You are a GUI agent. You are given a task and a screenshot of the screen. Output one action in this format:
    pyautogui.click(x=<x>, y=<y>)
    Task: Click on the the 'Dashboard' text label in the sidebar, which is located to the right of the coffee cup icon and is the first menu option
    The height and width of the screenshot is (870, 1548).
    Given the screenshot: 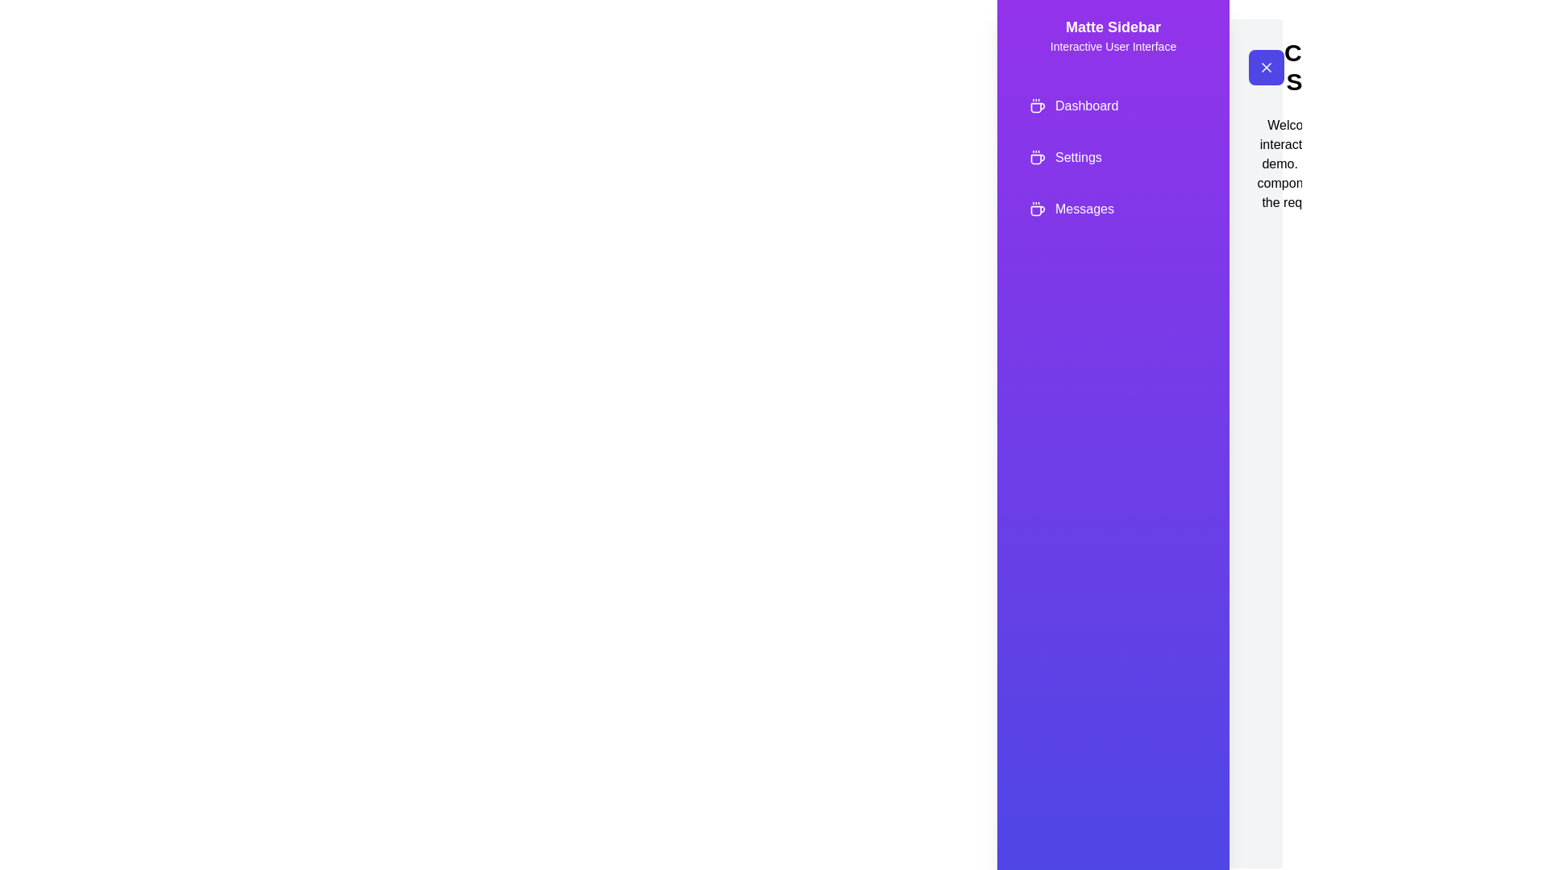 What is the action you would take?
    pyautogui.click(x=1087, y=106)
    